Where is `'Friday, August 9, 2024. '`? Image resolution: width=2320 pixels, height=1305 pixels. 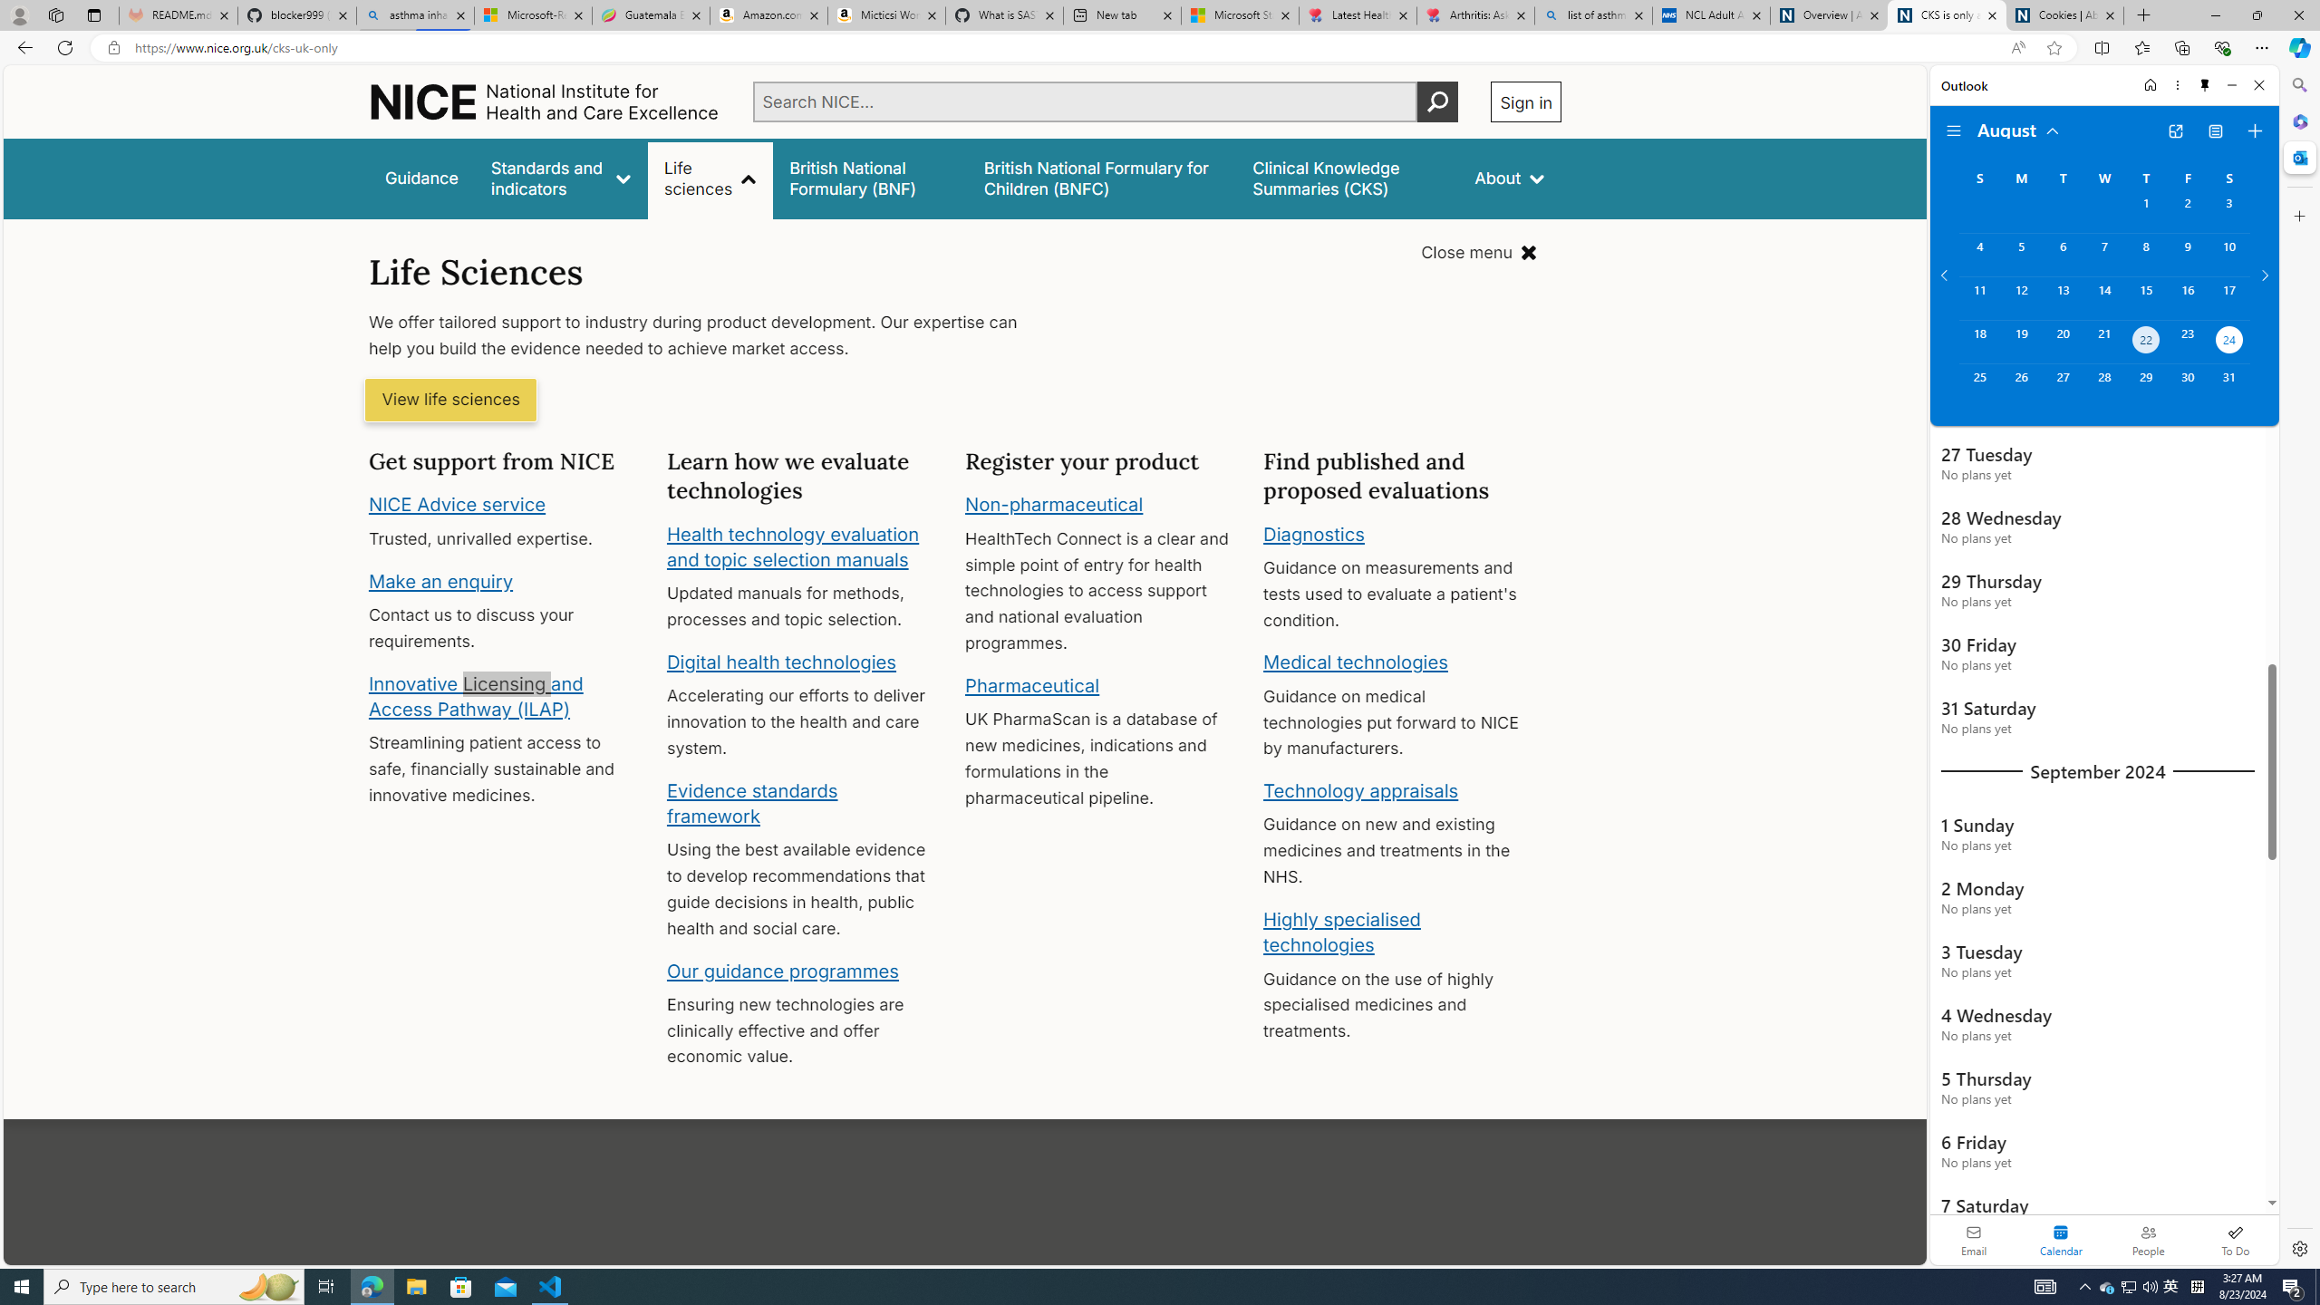
'Friday, August 9, 2024. ' is located at coordinates (2187, 254).